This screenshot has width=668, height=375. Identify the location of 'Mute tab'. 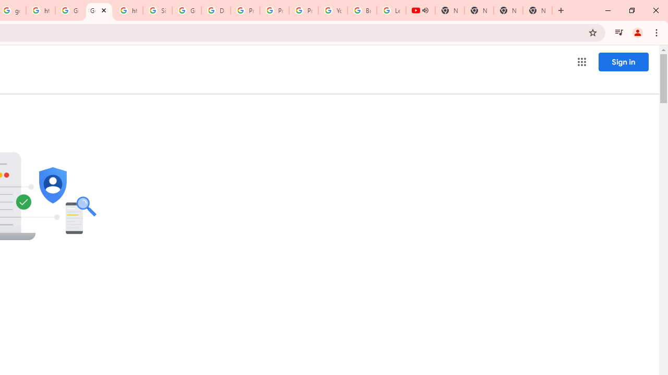
(425, 10).